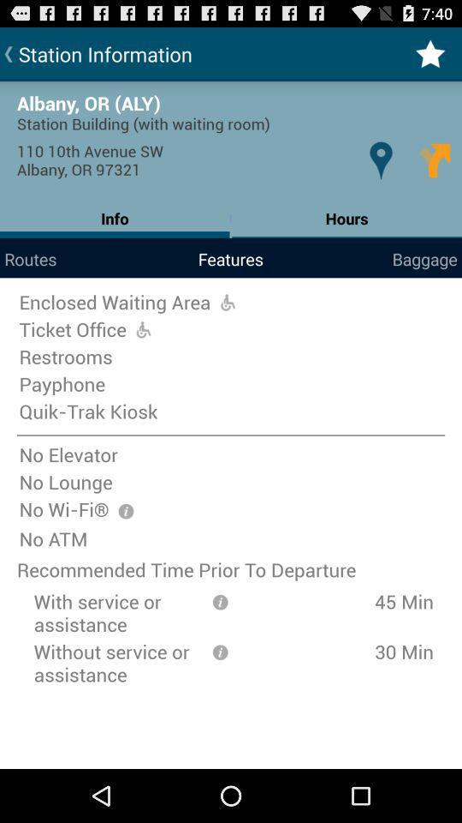 The image size is (462, 823). Describe the element at coordinates (220, 696) in the screenshot. I see `the info icon` at that location.